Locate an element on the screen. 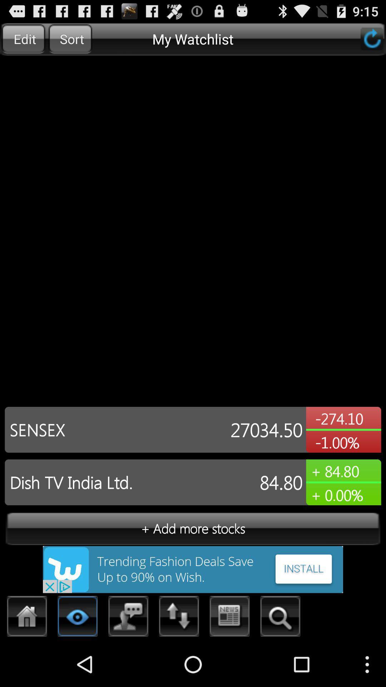 The height and width of the screenshot is (687, 386). search is located at coordinates (280, 618).